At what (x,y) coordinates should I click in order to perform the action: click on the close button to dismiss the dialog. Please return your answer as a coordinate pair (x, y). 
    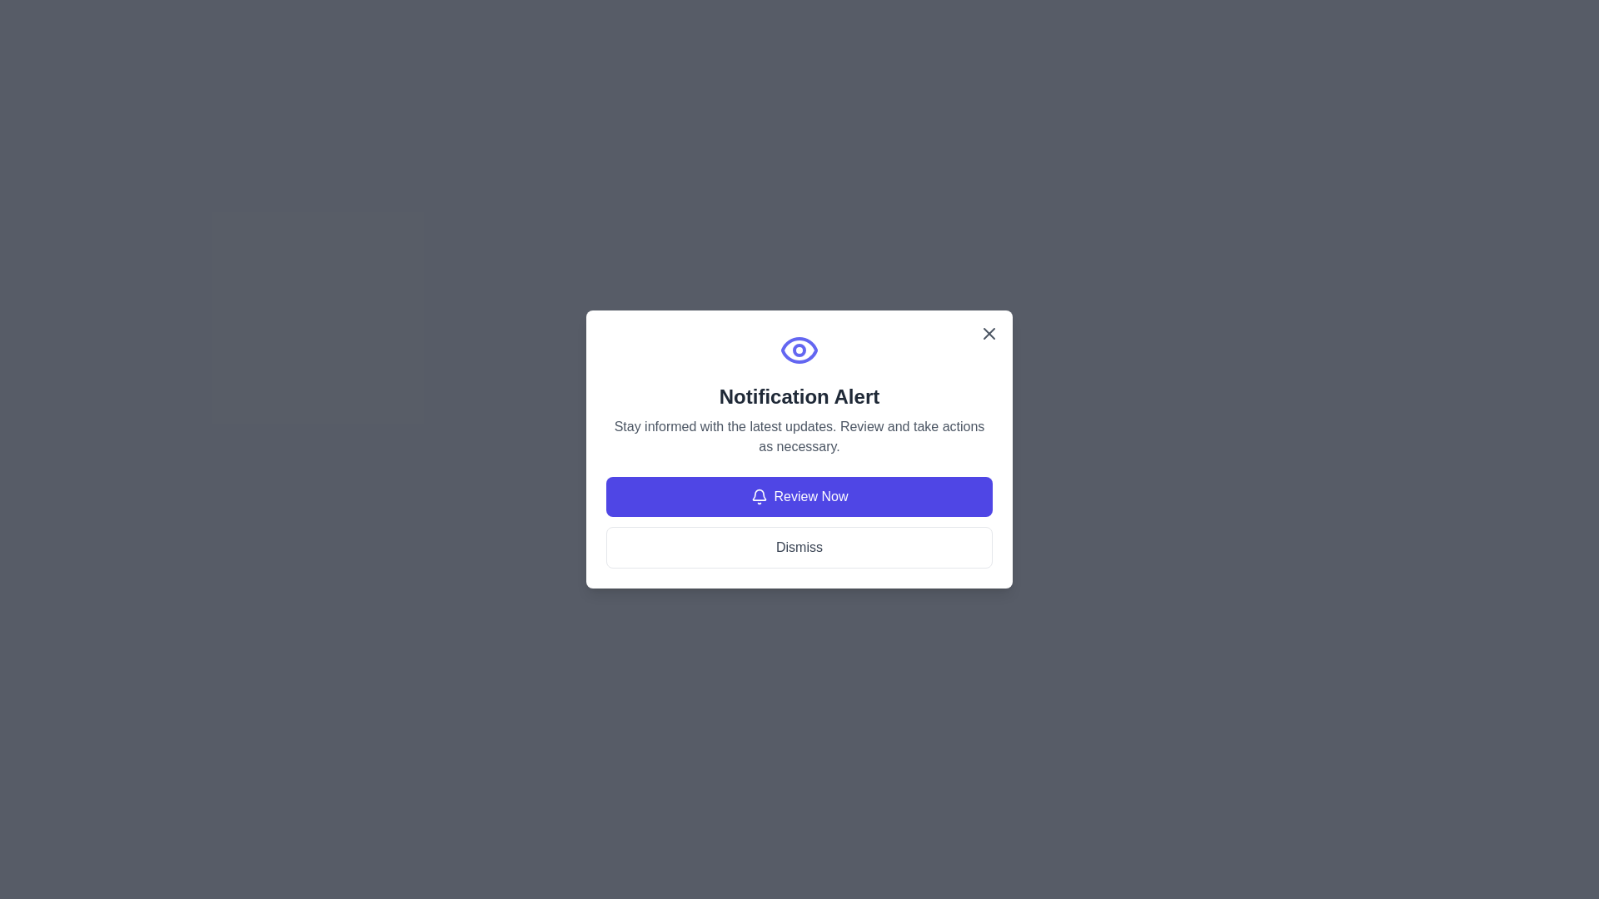
    Looking at the image, I should click on (989, 334).